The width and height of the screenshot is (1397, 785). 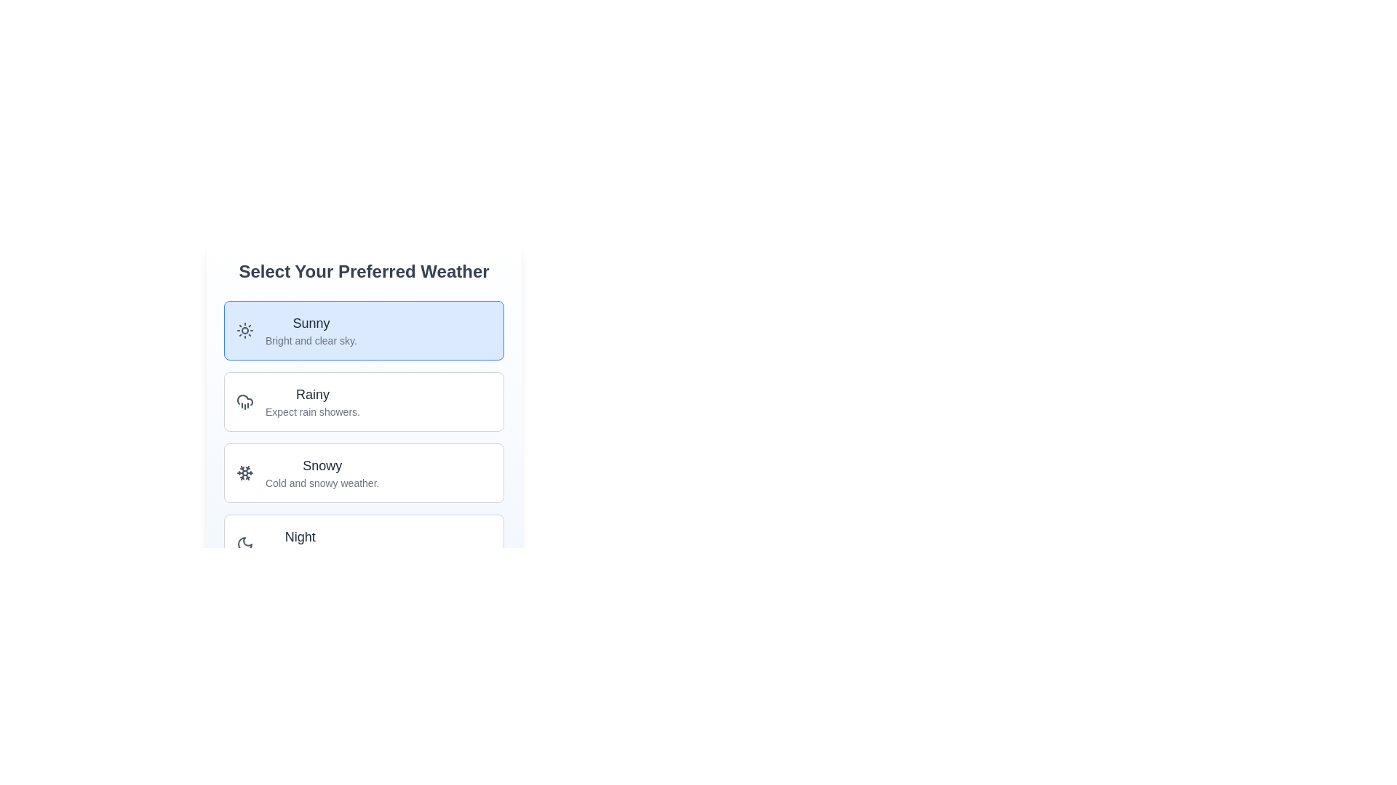 What do you see at coordinates (311, 395) in the screenshot?
I see `the text label 'Rainy' within the white rectangular card` at bounding box center [311, 395].